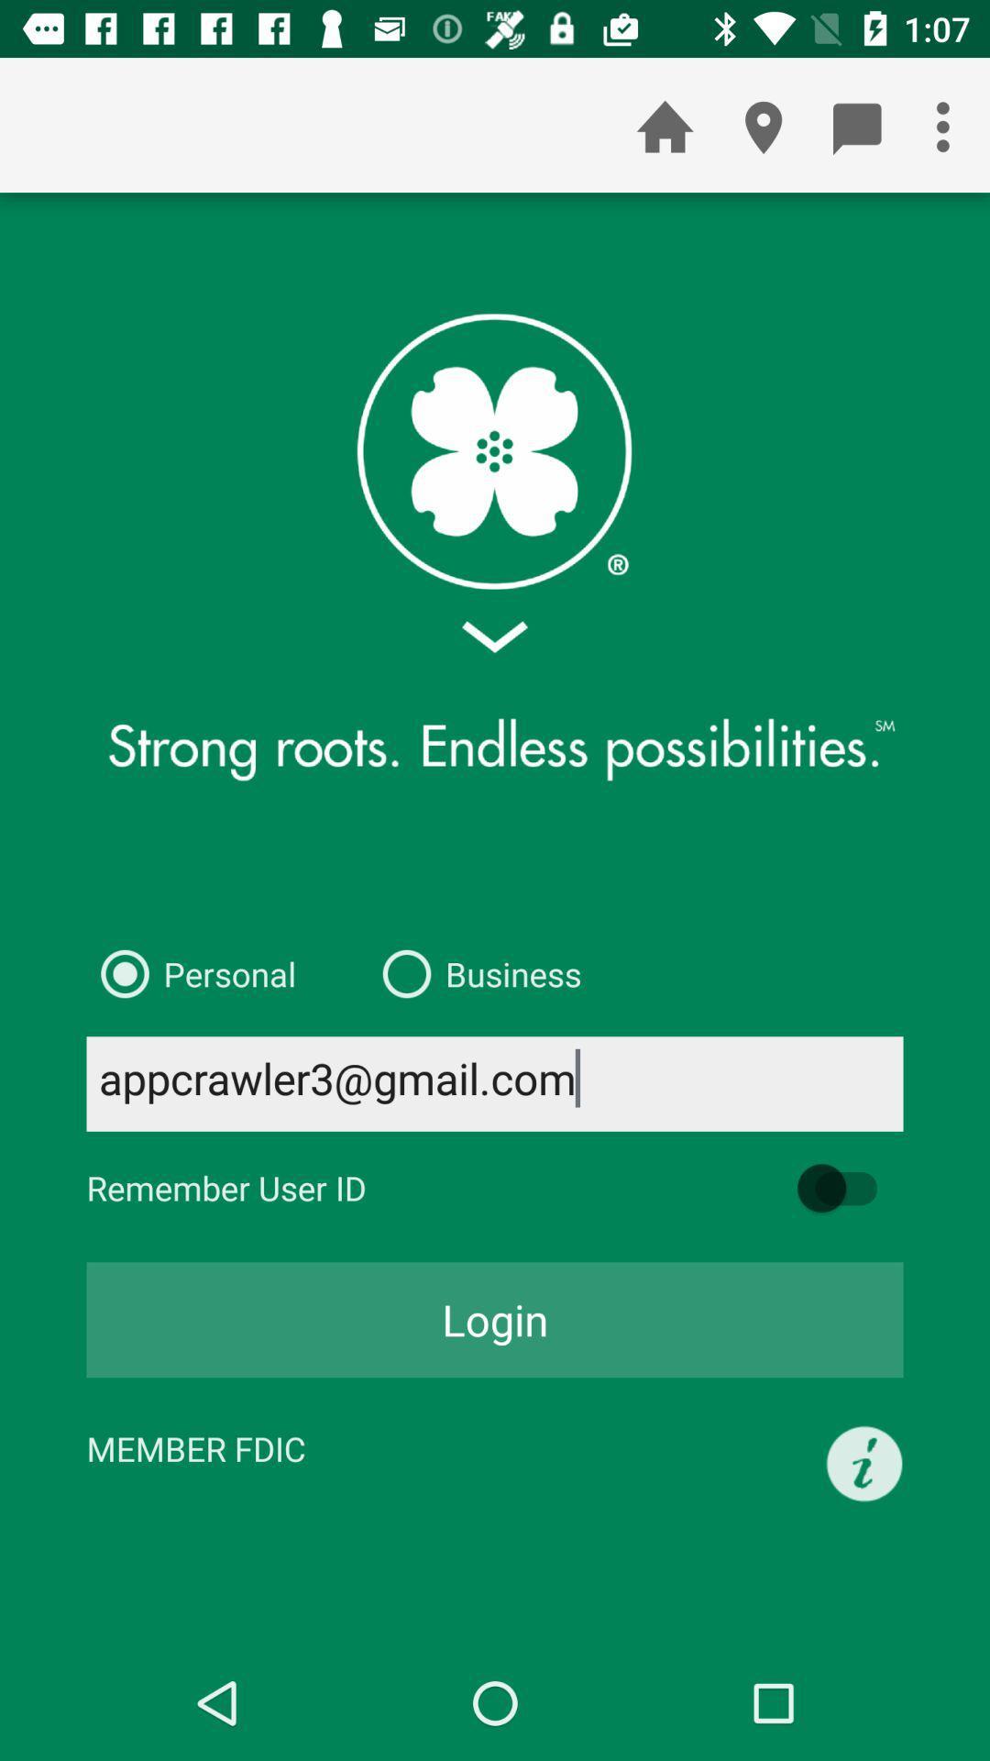  What do you see at coordinates (864, 1463) in the screenshot?
I see `the icon to the right of the member fdic icon` at bounding box center [864, 1463].